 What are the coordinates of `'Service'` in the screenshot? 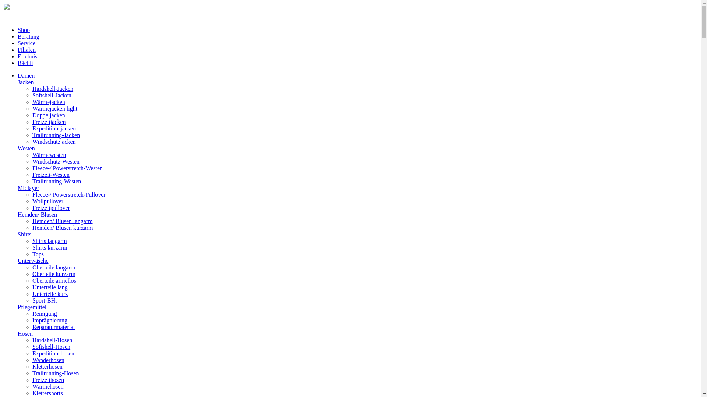 It's located at (27, 43).